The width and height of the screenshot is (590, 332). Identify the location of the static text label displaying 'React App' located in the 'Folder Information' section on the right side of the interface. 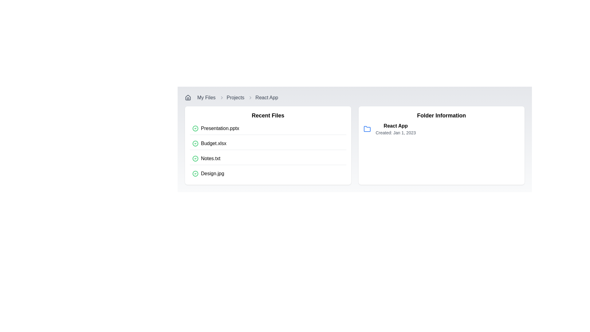
(395, 125).